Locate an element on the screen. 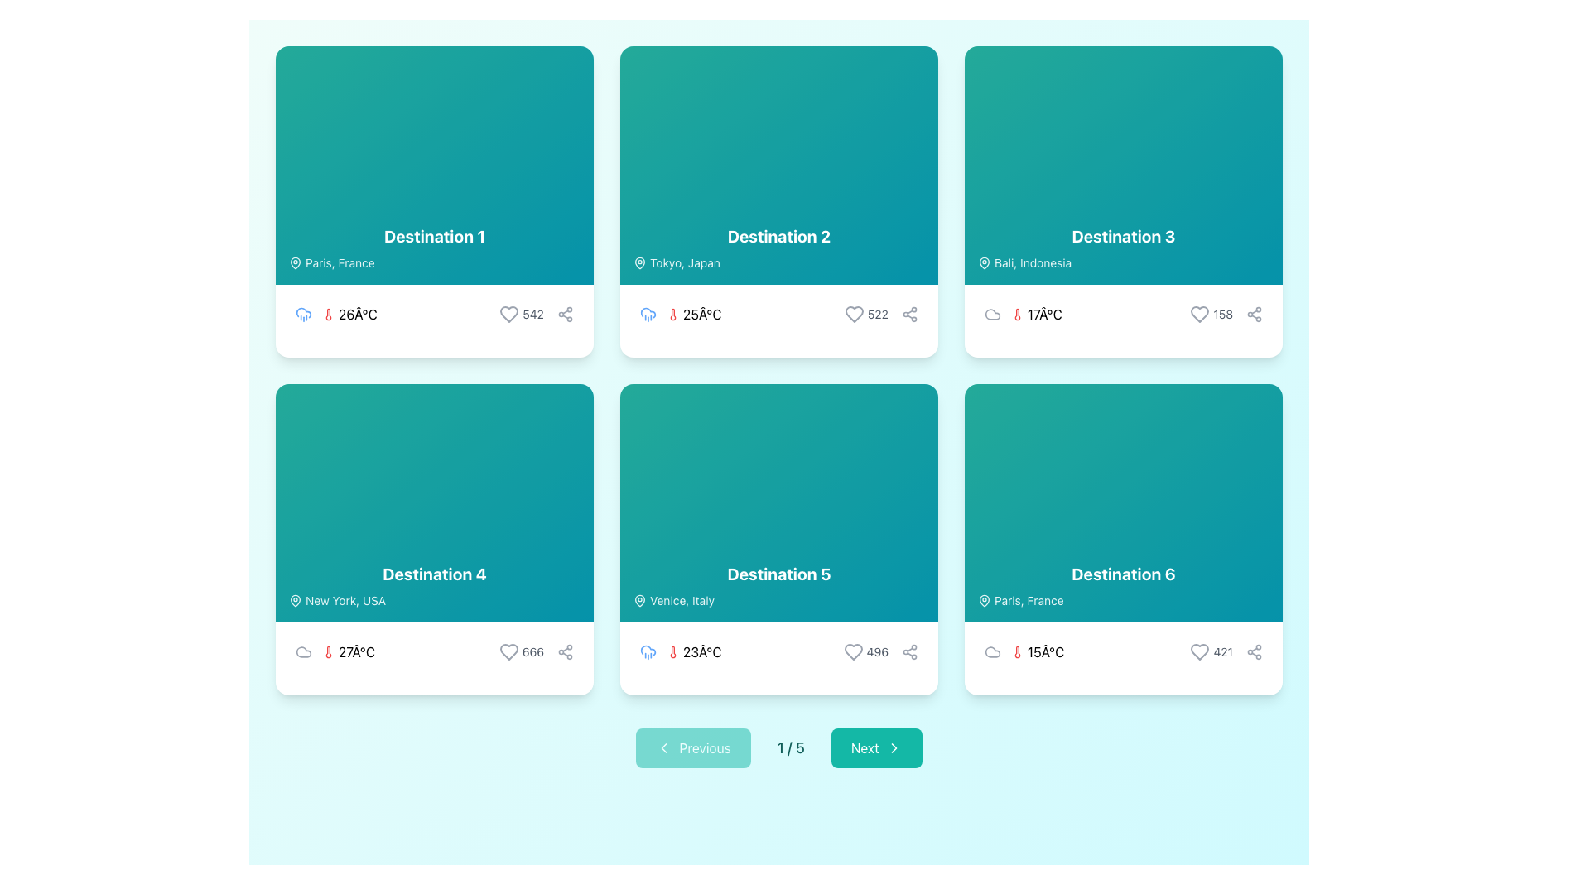 The height and width of the screenshot is (894, 1590). the text label indicating the geographical location associated with the 'Destination 5' card, located in the lower-left section alongside a location icon is located at coordinates (682, 600).